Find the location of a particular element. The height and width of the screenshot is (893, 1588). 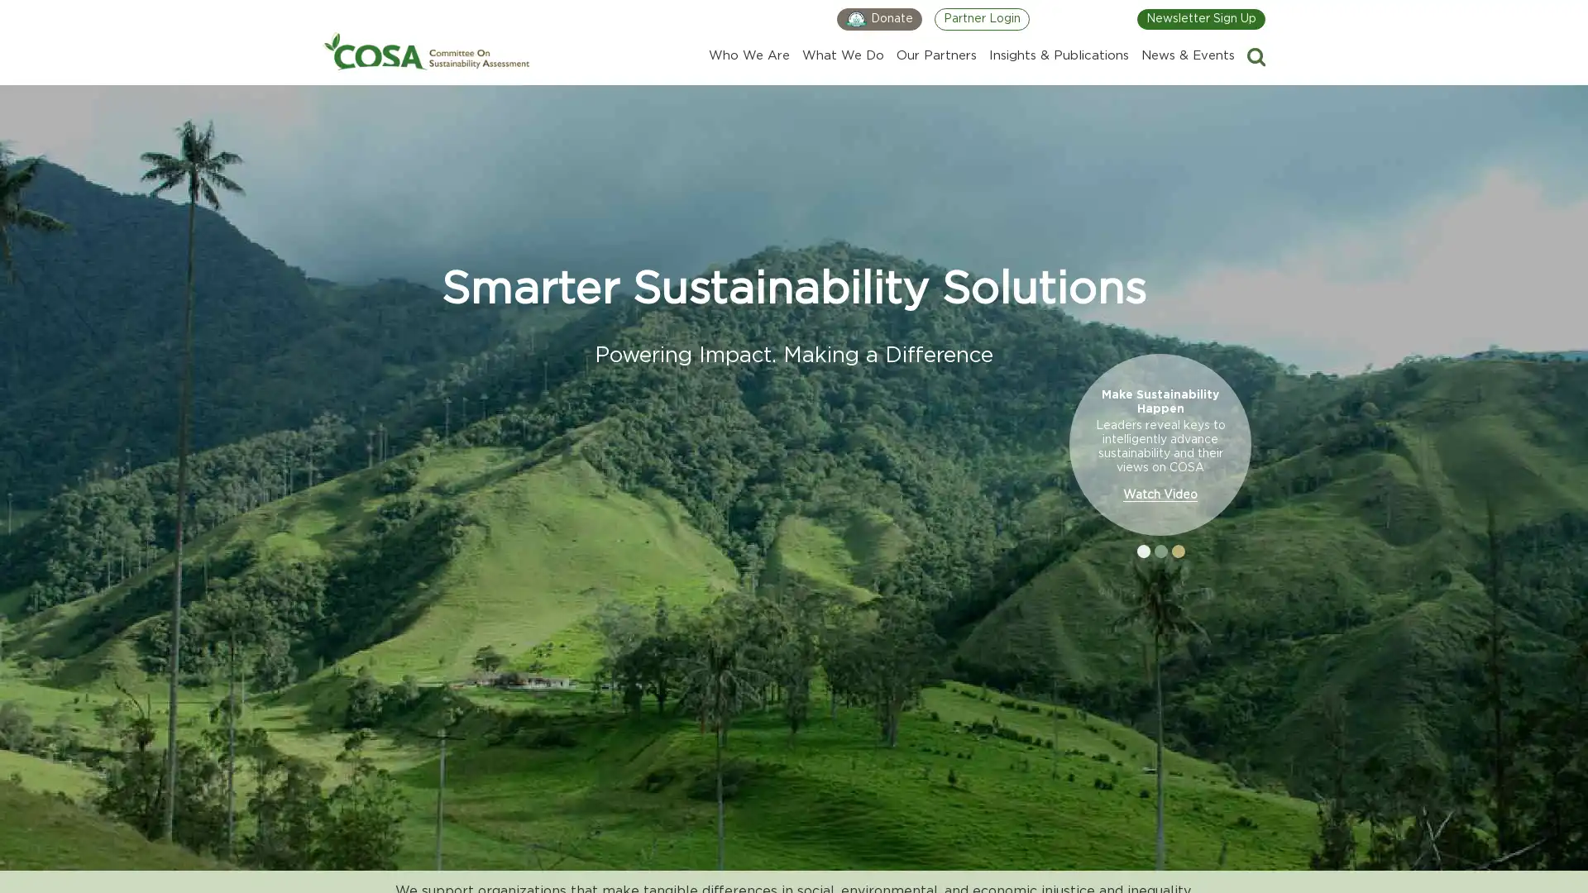

Search is located at coordinates (1256, 55).